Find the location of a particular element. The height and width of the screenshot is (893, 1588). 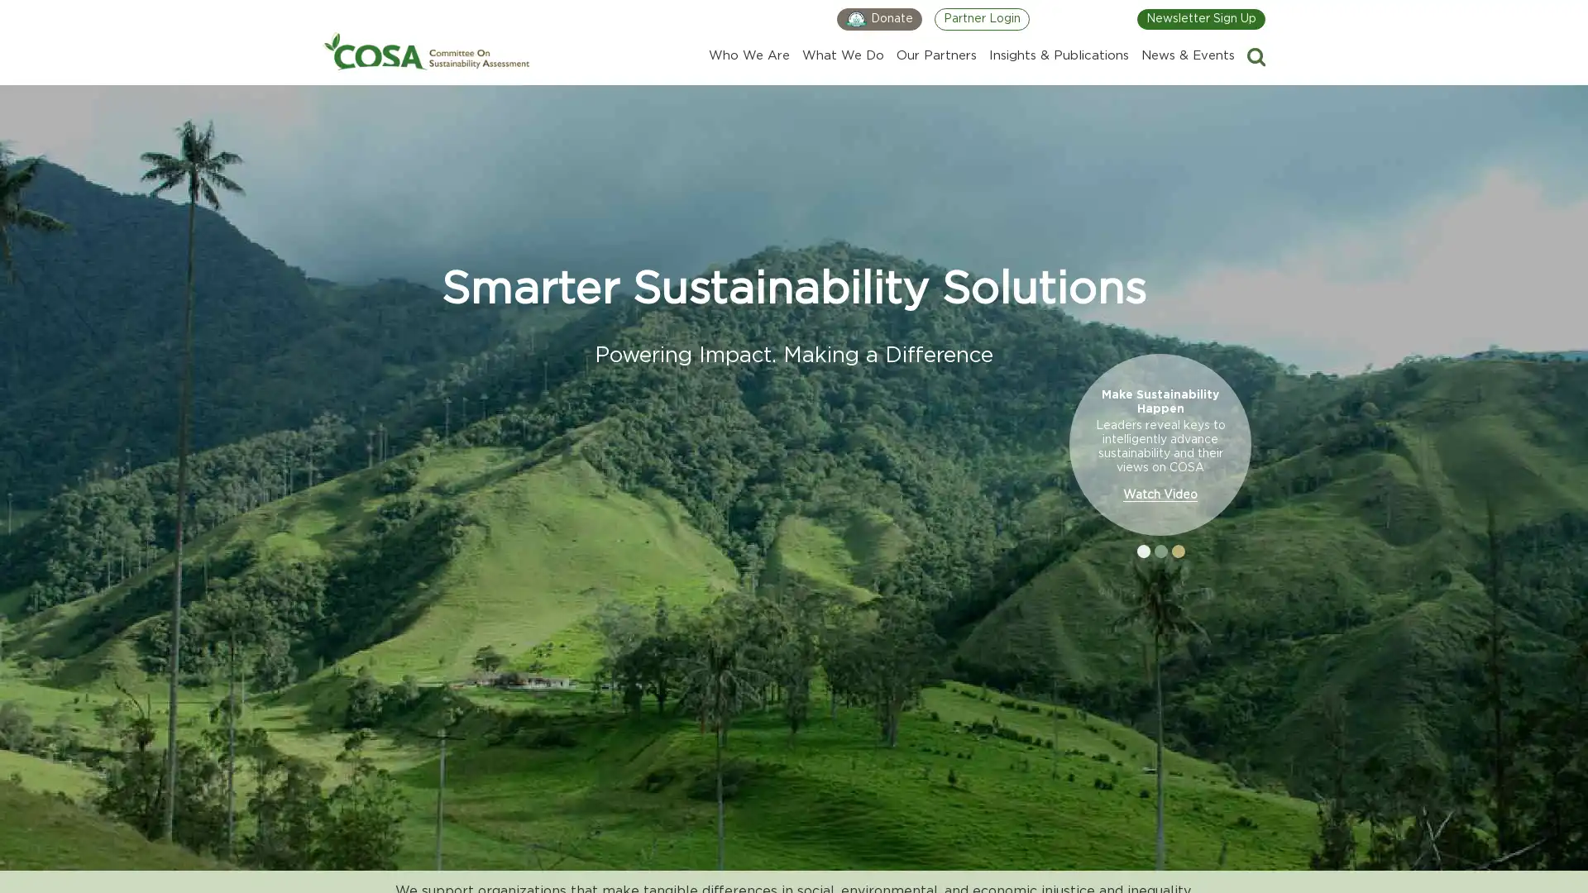

Search is located at coordinates (1256, 55).